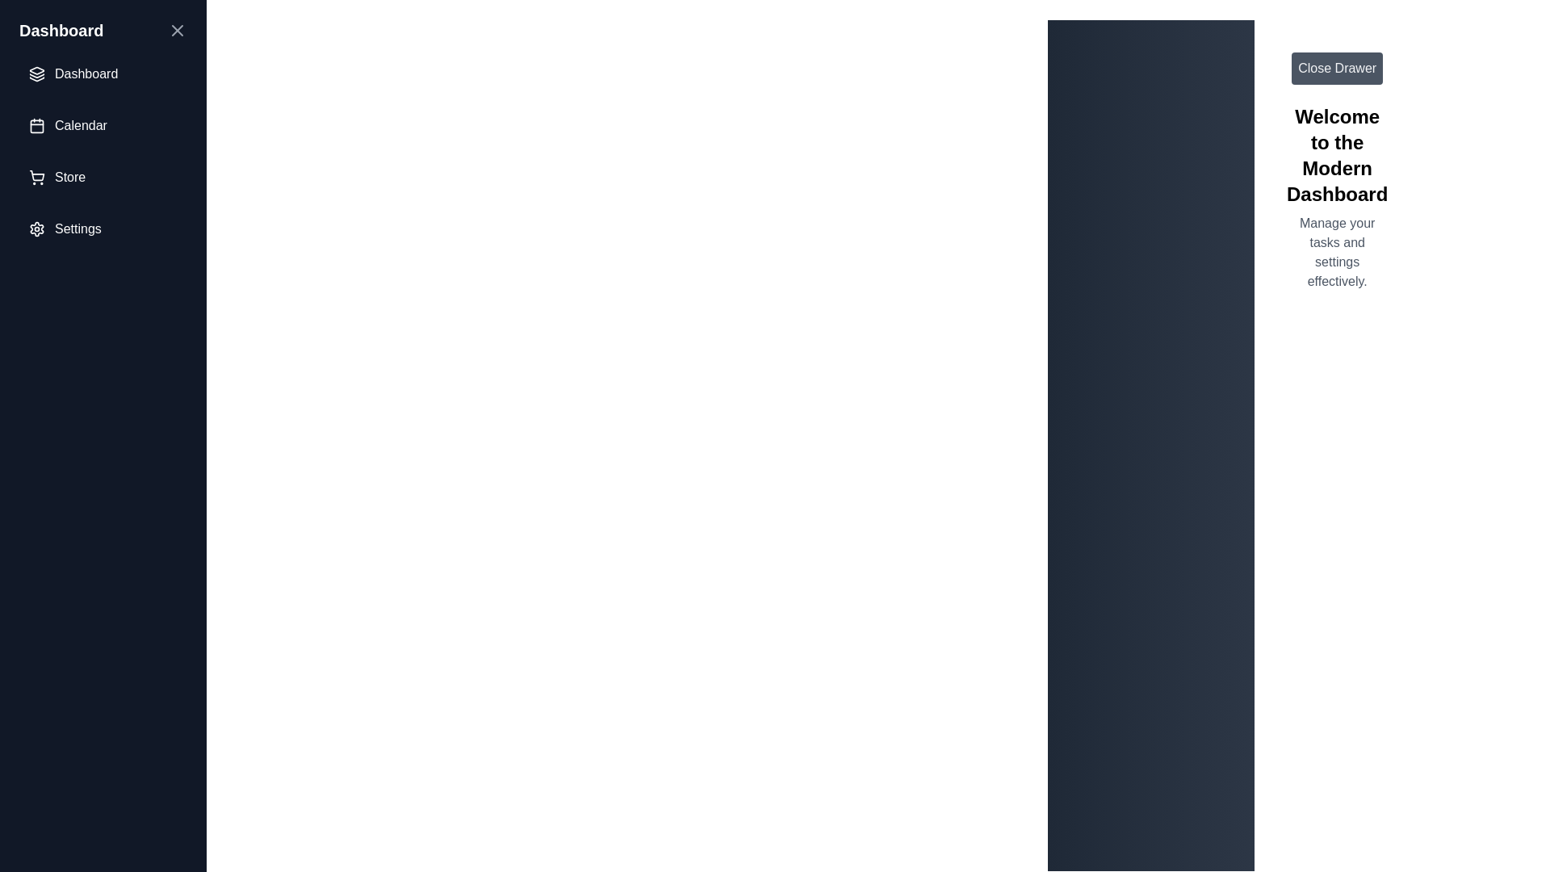 Image resolution: width=1550 pixels, height=872 pixels. I want to click on the menu item labeled Store, so click(103, 177).